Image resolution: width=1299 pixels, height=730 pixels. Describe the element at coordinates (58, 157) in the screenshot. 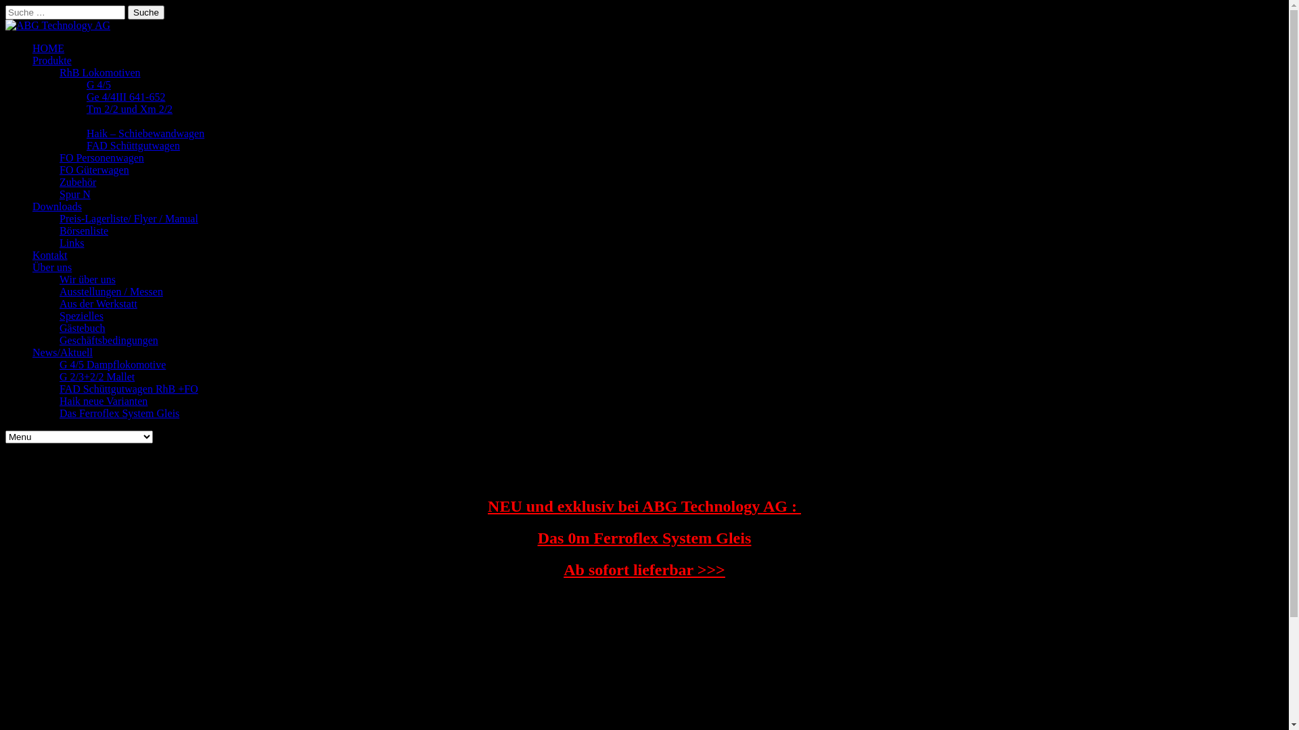

I see `'FO Personenwagen'` at that location.